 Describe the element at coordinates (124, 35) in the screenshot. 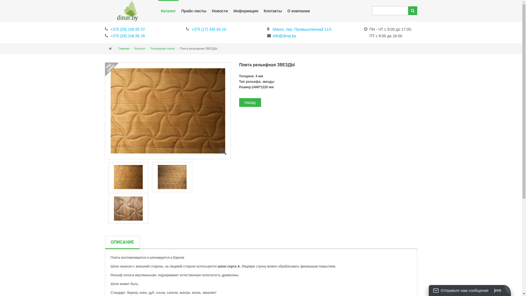

I see `'+375 (29) 106 85 26'` at that location.